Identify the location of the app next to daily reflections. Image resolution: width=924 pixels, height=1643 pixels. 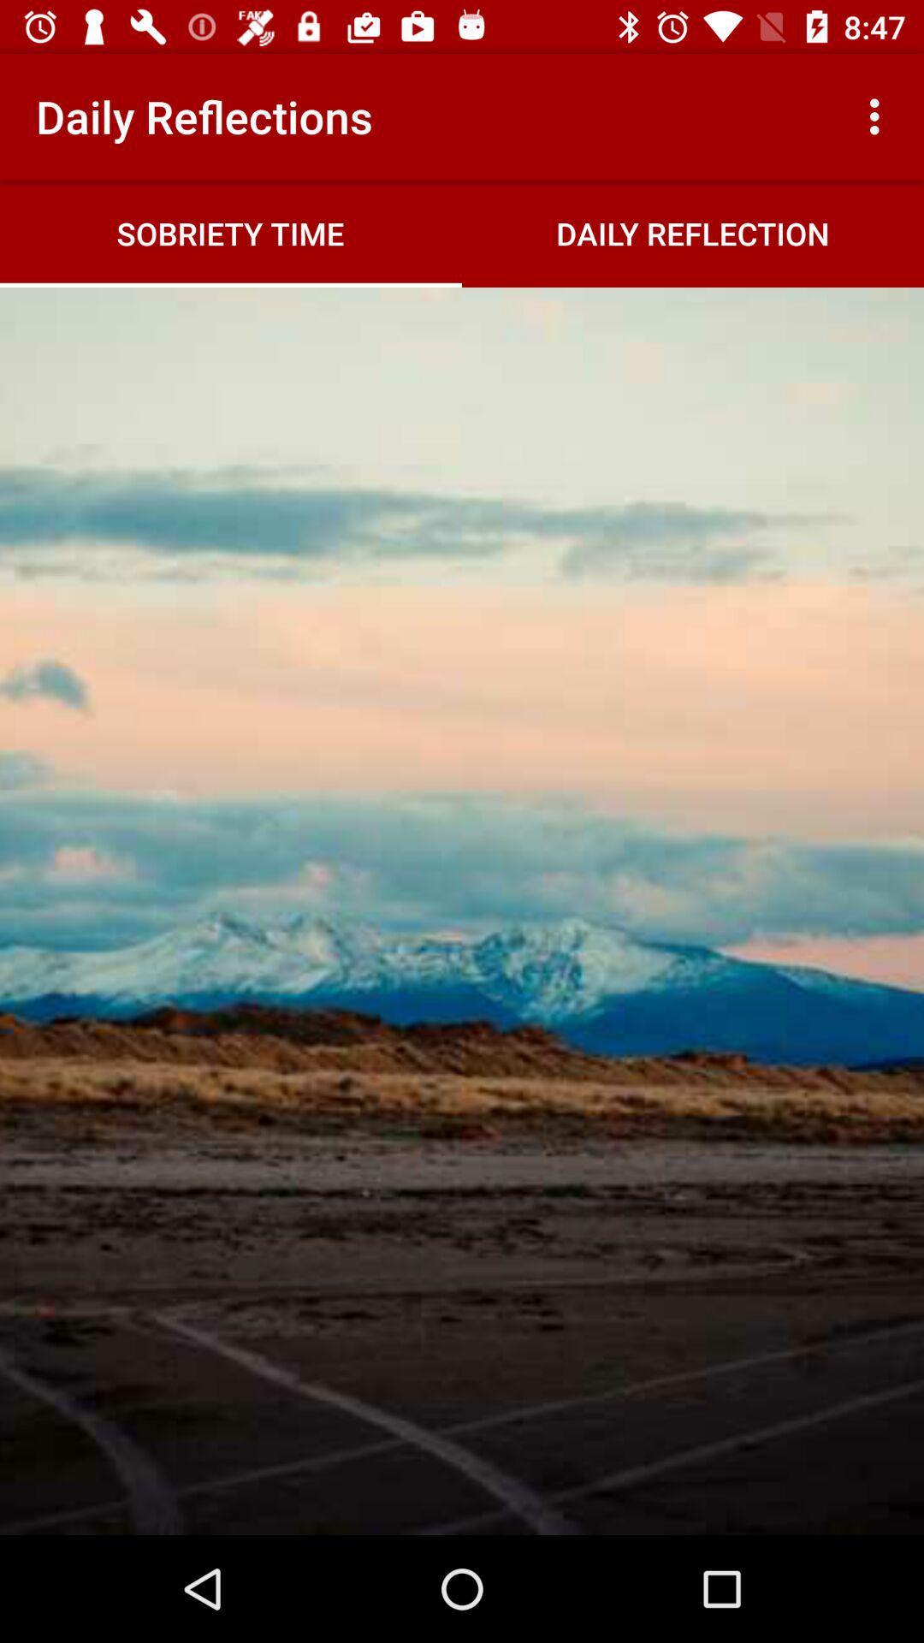
(879, 116).